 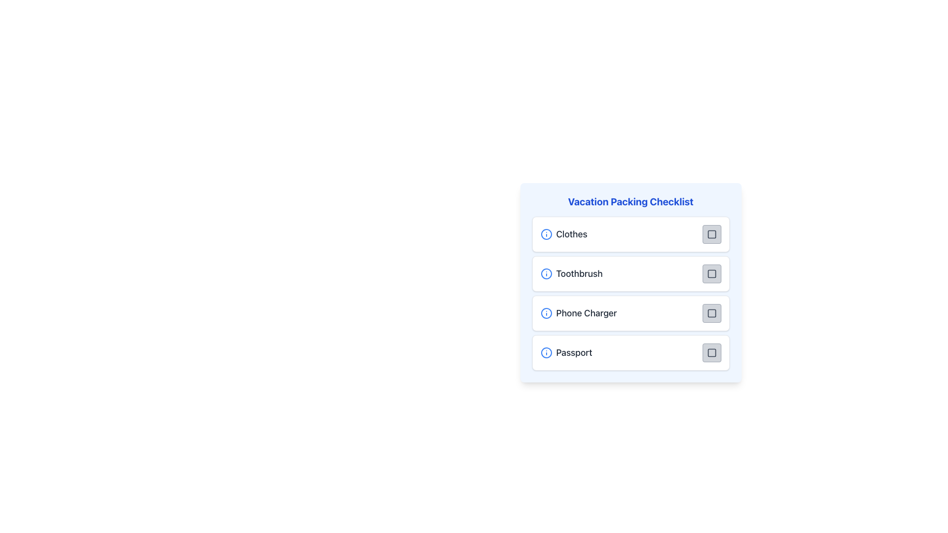 What do you see at coordinates (711, 313) in the screenshot?
I see `the small square button with rounded borders, which has a gray background and is located to the far right of the 'Phone Charger' label` at bounding box center [711, 313].